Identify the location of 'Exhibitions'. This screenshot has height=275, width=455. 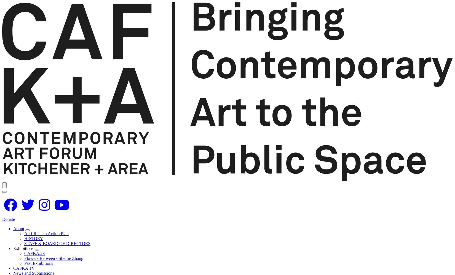
(13, 248).